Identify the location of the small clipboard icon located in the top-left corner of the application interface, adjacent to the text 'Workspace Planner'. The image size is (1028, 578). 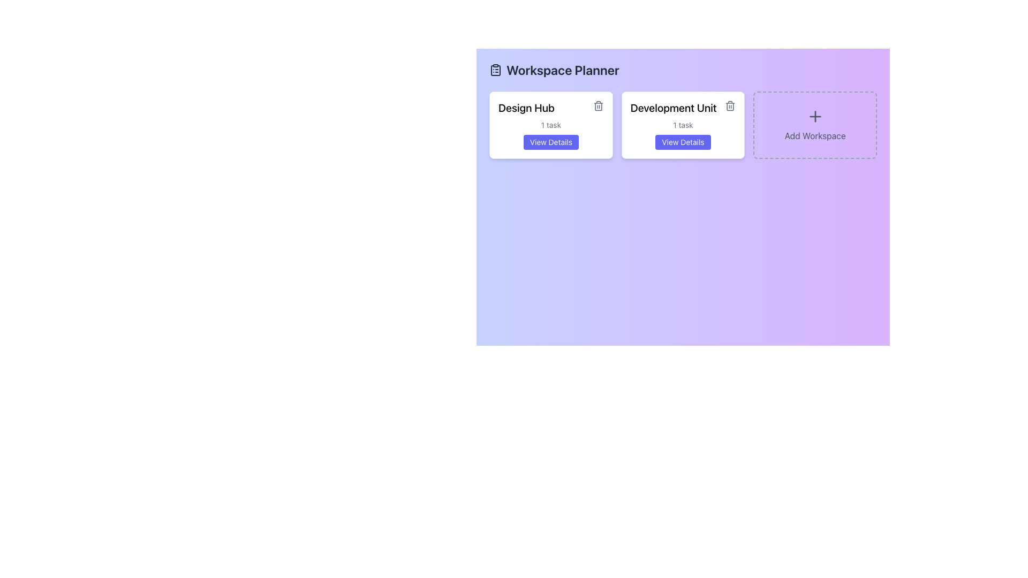
(495, 70).